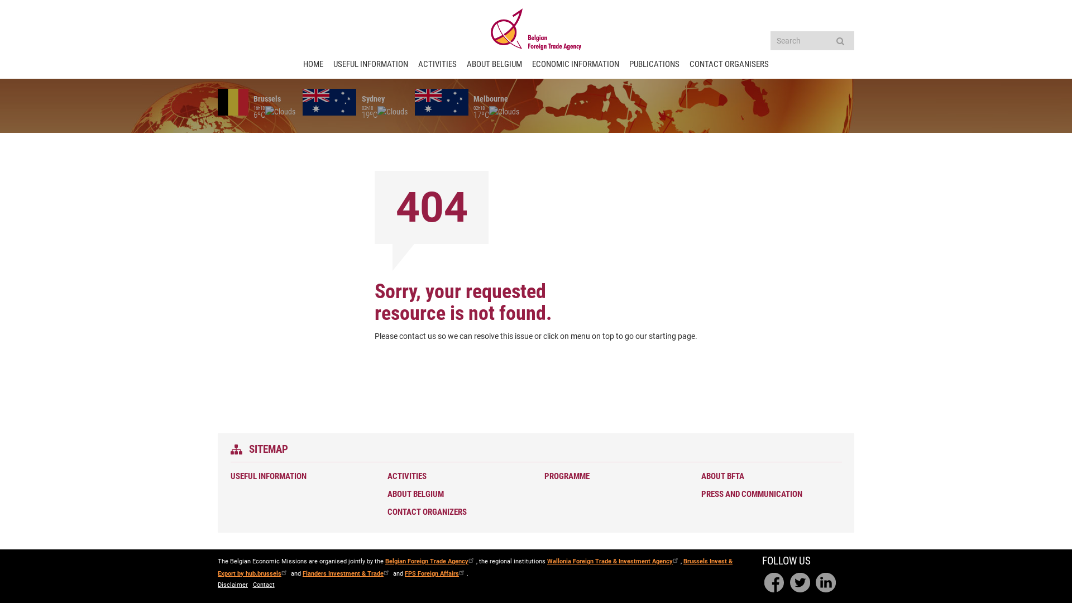 The height and width of the screenshot is (603, 1072). I want to click on 'USEFUL INFORMATION', so click(370, 64).